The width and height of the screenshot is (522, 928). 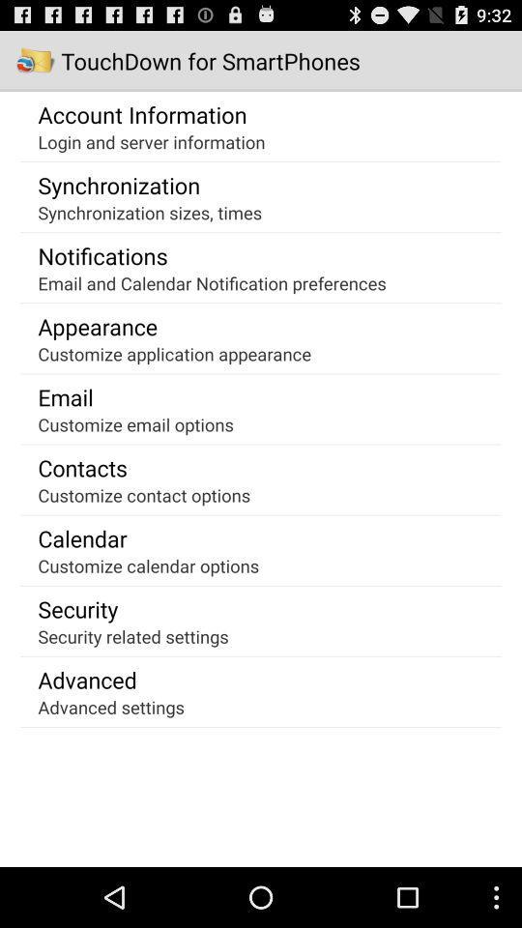 I want to click on app below security app, so click(x=132, y=635).